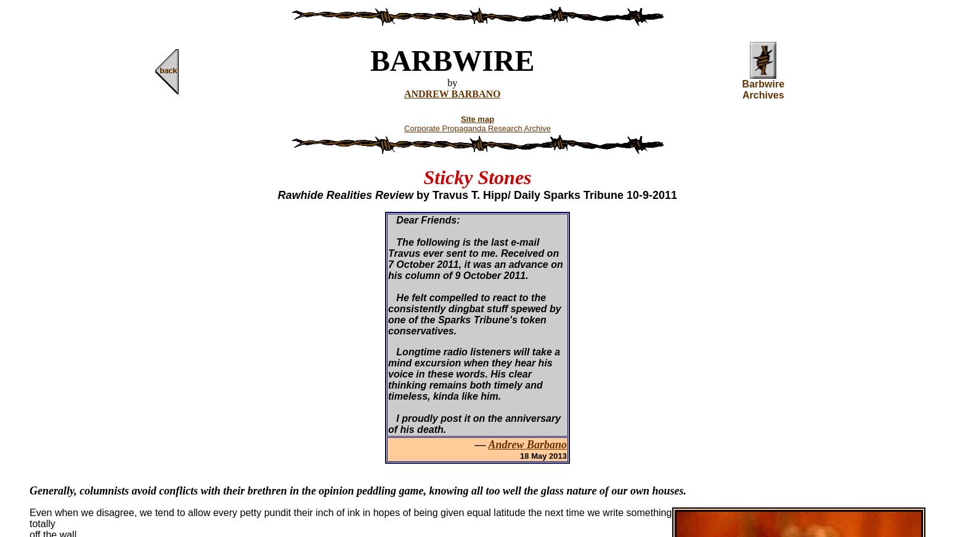 This screenshot has height=537, width=955. What do you see at coordinates (477, 119) in the screenshot?
I see `'Site 
  map'` at bounding box center [477, 119].